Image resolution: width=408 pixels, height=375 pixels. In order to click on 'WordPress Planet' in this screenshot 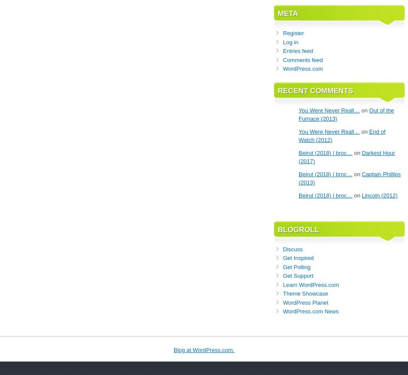, I will do `click(305, 302)`.